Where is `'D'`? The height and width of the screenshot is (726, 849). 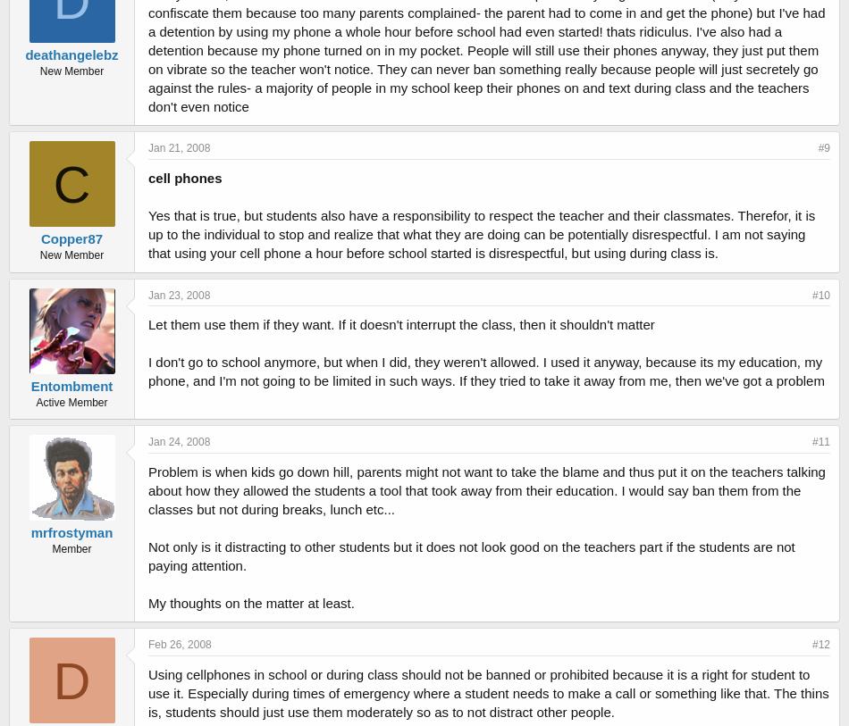
'D' is located at coordinates (71, 681).